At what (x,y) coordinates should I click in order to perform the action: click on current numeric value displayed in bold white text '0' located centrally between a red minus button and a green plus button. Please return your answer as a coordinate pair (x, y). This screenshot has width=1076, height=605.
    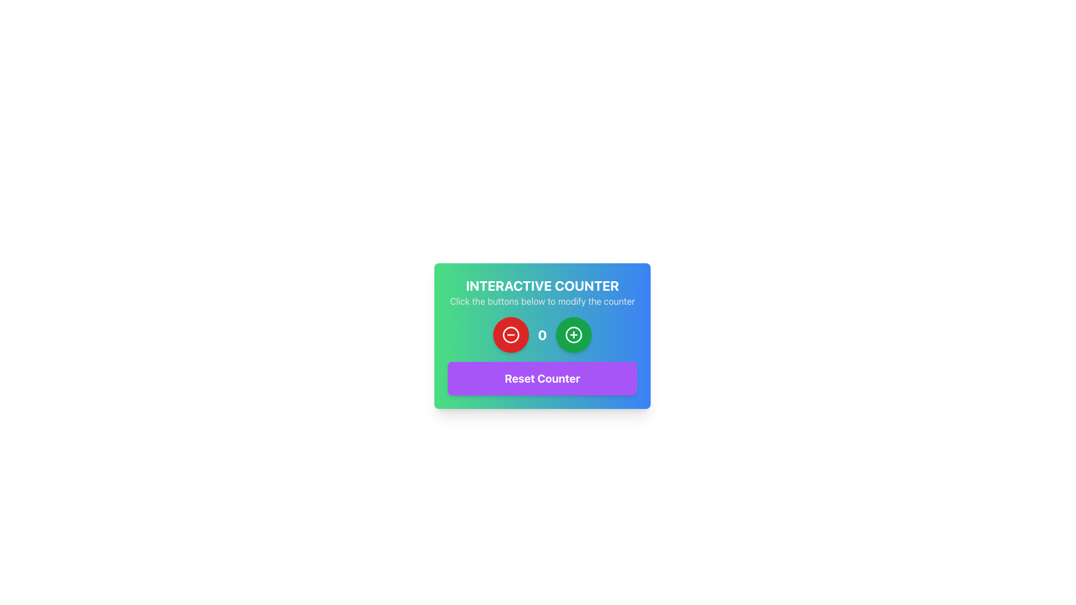
    Looking at the image, I should click on (542, 334).